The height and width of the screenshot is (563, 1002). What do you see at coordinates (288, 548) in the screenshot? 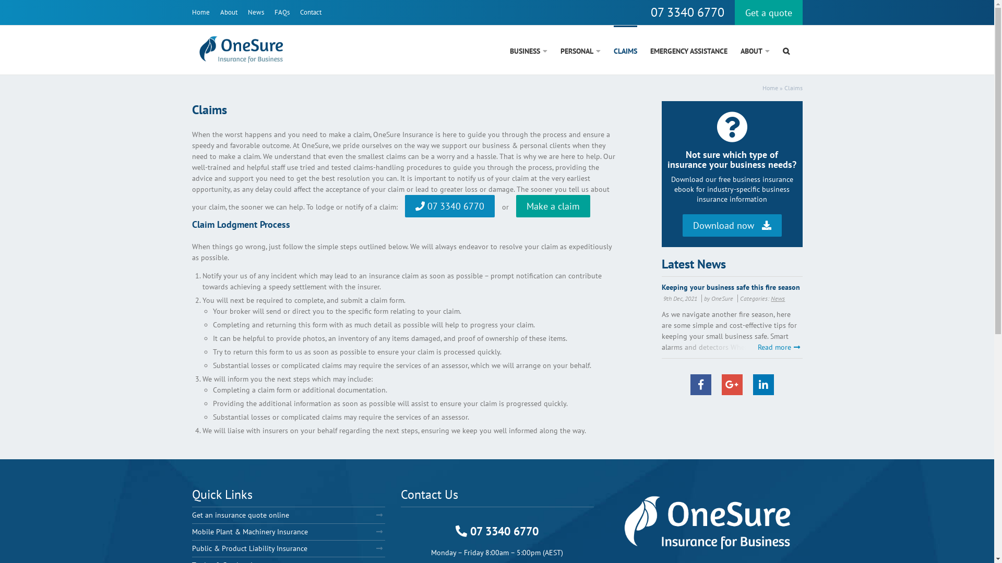
I see `'Public & Product Liability Insurance'` at bounding box center [288, 548].